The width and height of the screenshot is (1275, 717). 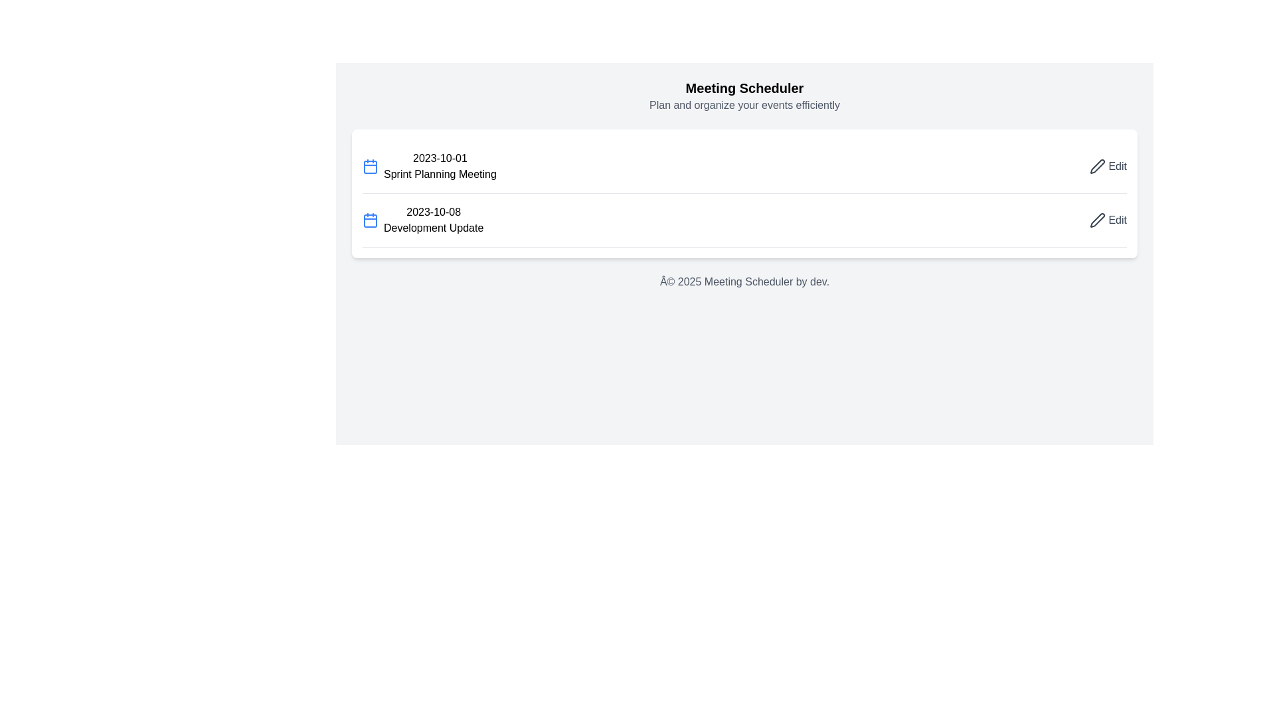 What do you see at coordinates (1098, 165) in the screenshot?
I see `the editing icon located to the right of the first meeting entry row, adjacent to the 'Edit' label` at bounding box center [1098, 165].